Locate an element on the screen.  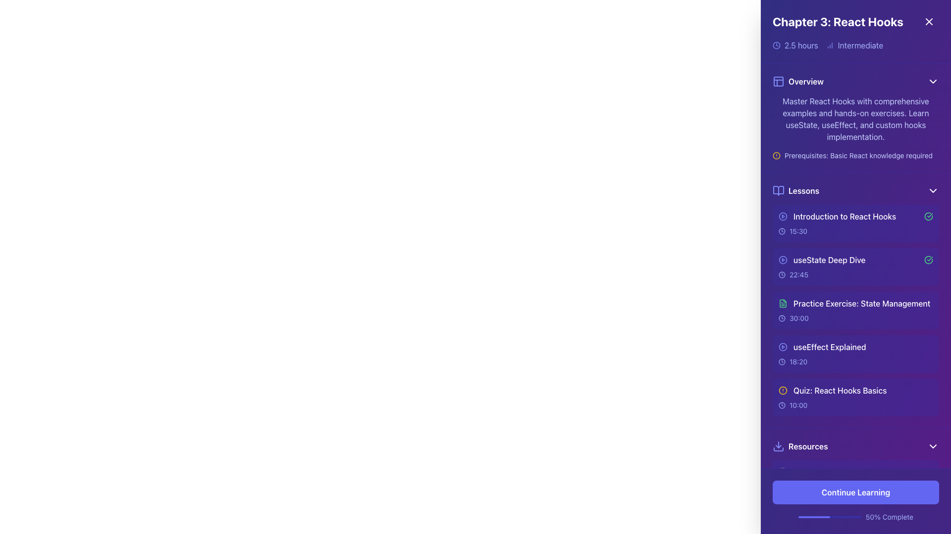
text content of the header-like text element displaying 'Quiz: React Hooks Basics', which is styled in bold and has a yellow exclamation icon before it, located within a list of lessons is located at coordinates (855, 390).